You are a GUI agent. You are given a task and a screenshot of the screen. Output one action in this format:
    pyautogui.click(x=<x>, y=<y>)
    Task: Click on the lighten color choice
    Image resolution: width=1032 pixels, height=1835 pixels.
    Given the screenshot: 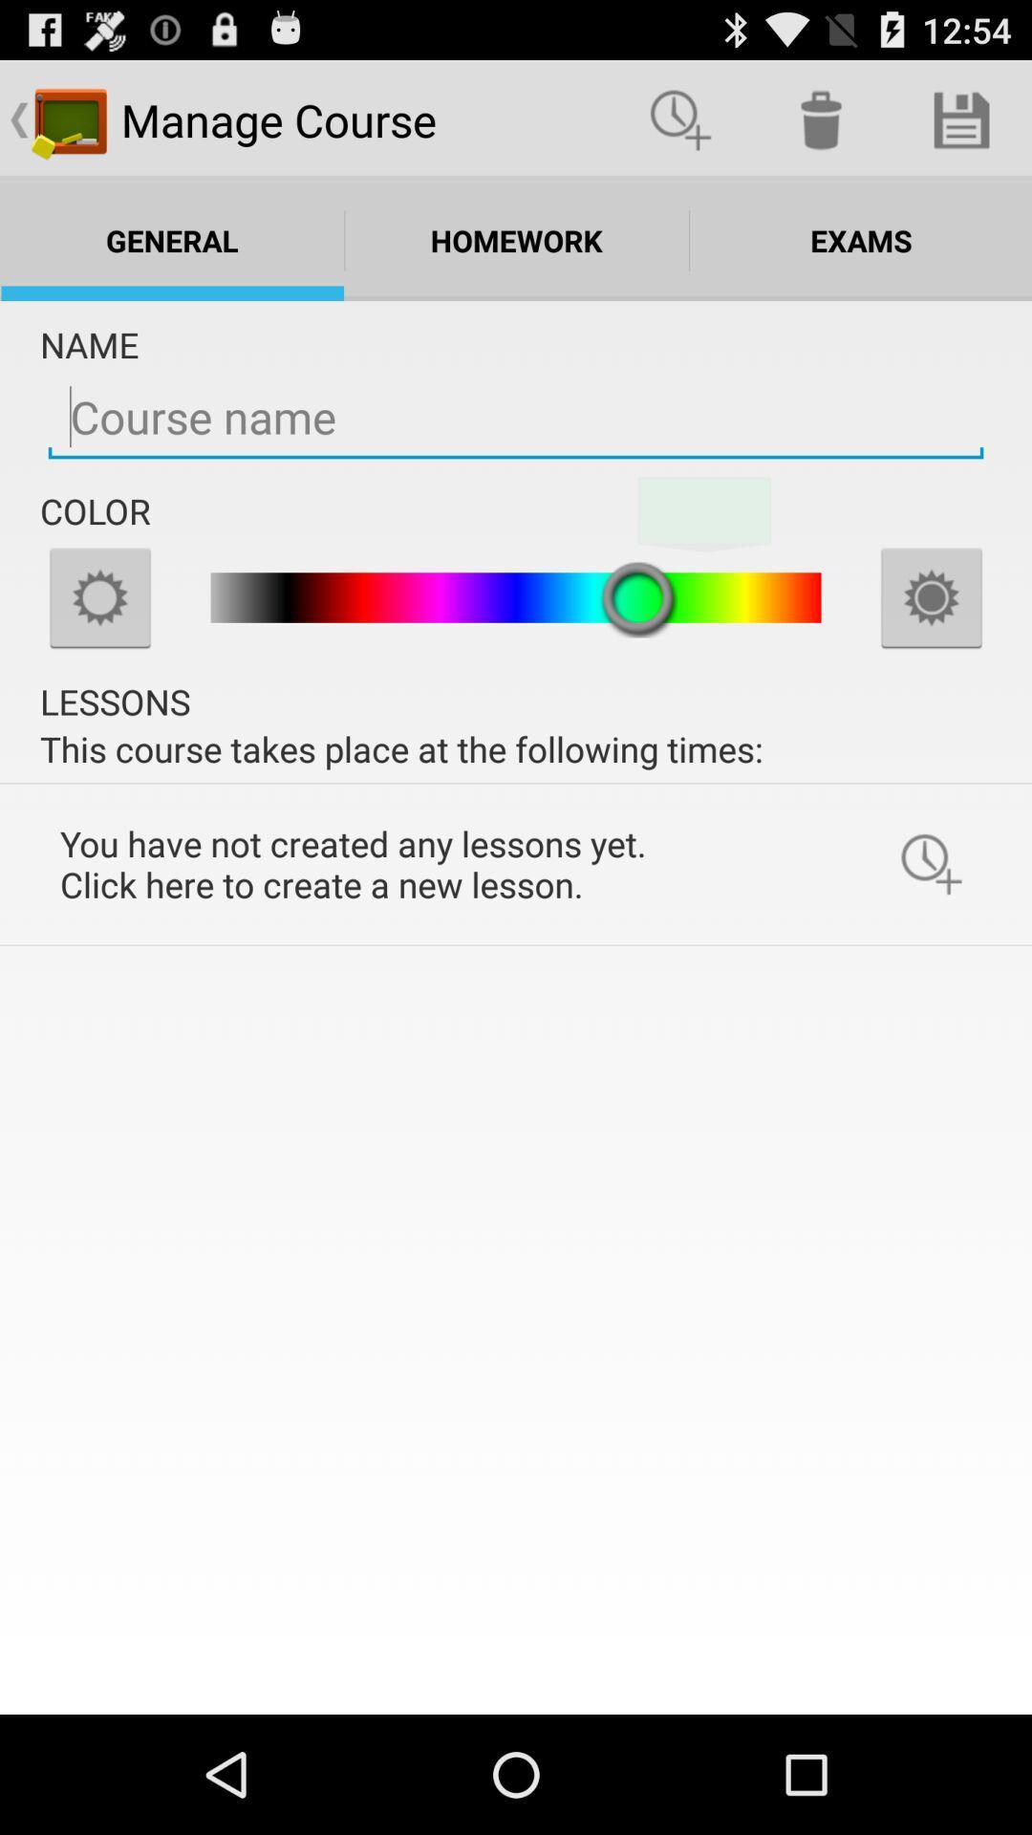 What is the action you would take?
    pyautogui.click(x=99, y=596)
    